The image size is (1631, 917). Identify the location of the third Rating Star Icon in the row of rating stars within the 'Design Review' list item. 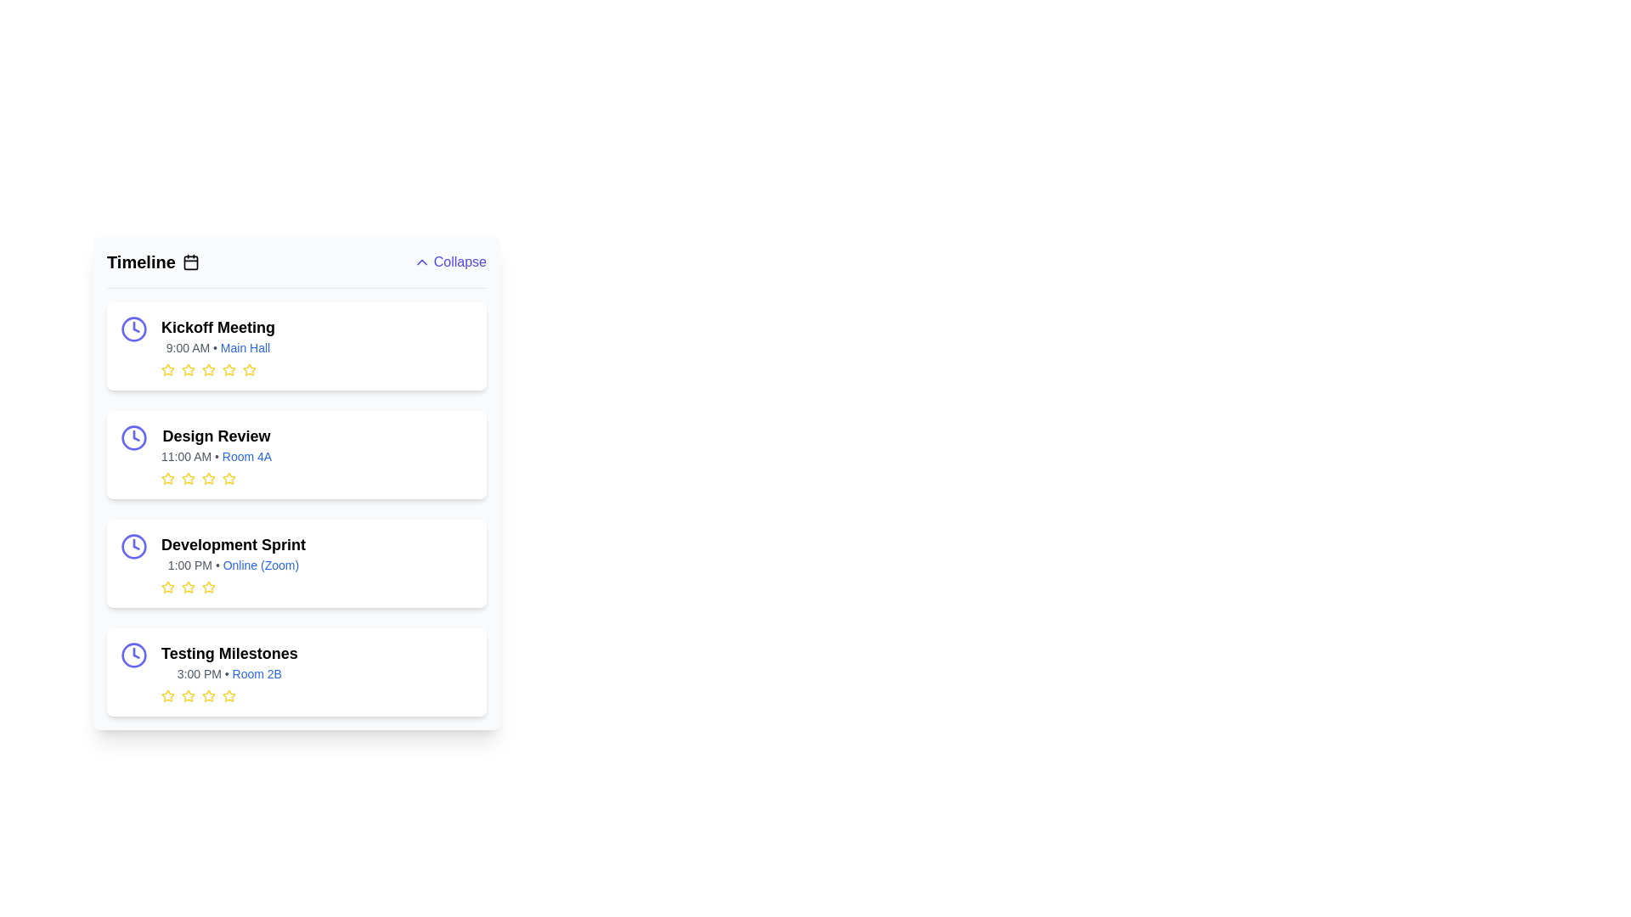
(228, 478).